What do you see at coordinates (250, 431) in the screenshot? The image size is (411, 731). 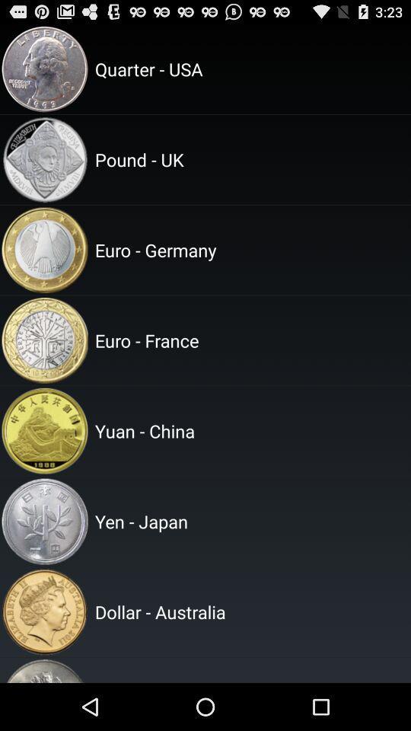 I see `yuan - china item` at bounding box center [250, 431].